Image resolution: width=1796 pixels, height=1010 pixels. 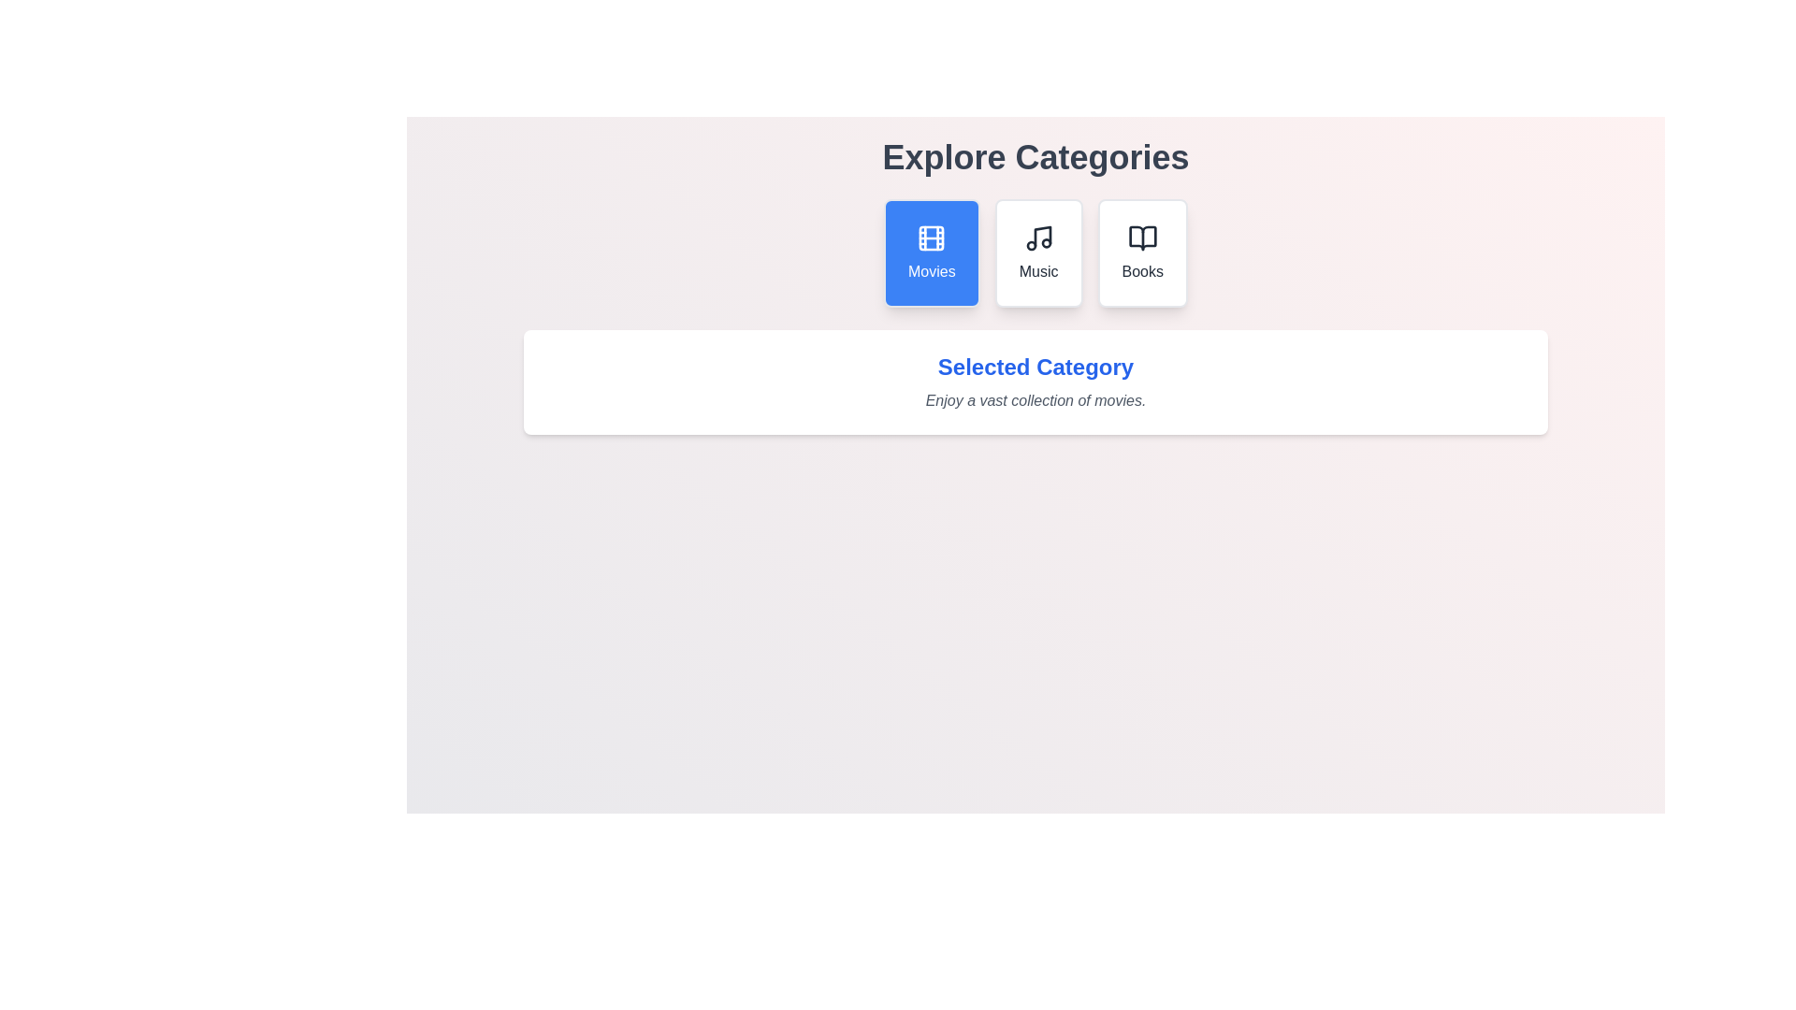 I want to click on the Movies button to select it, so click(x=932, y=252).